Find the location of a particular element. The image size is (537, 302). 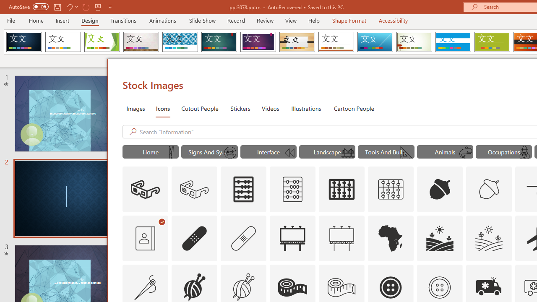

'Slice' is located at coordinates (375, 42).